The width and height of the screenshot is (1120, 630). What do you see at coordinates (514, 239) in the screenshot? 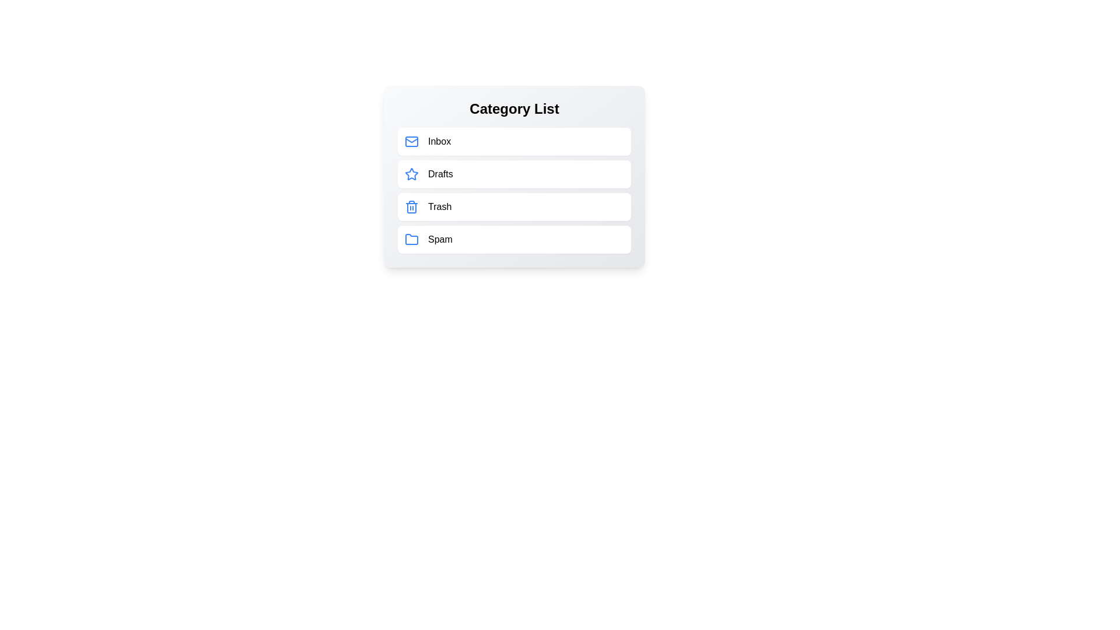
I see `the category Spam from the list` at bounding box center [514, 239].